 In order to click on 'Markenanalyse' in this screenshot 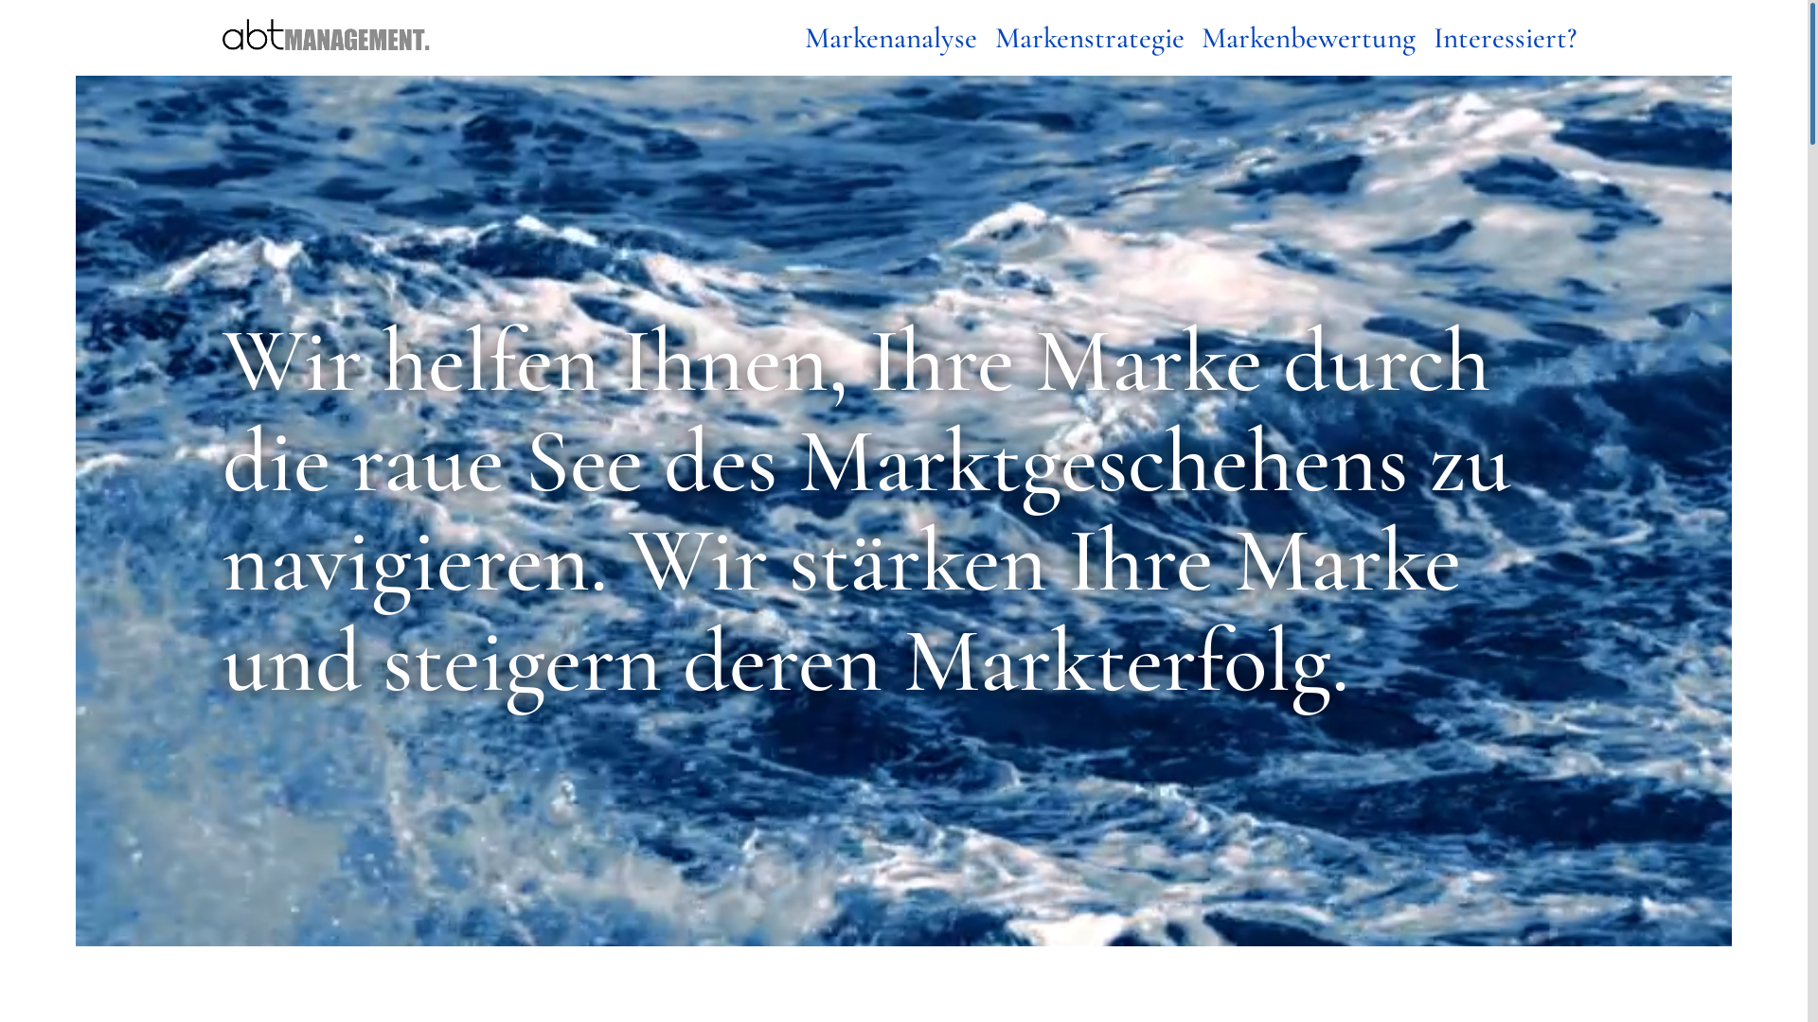, I will do `click(890, 38)`.